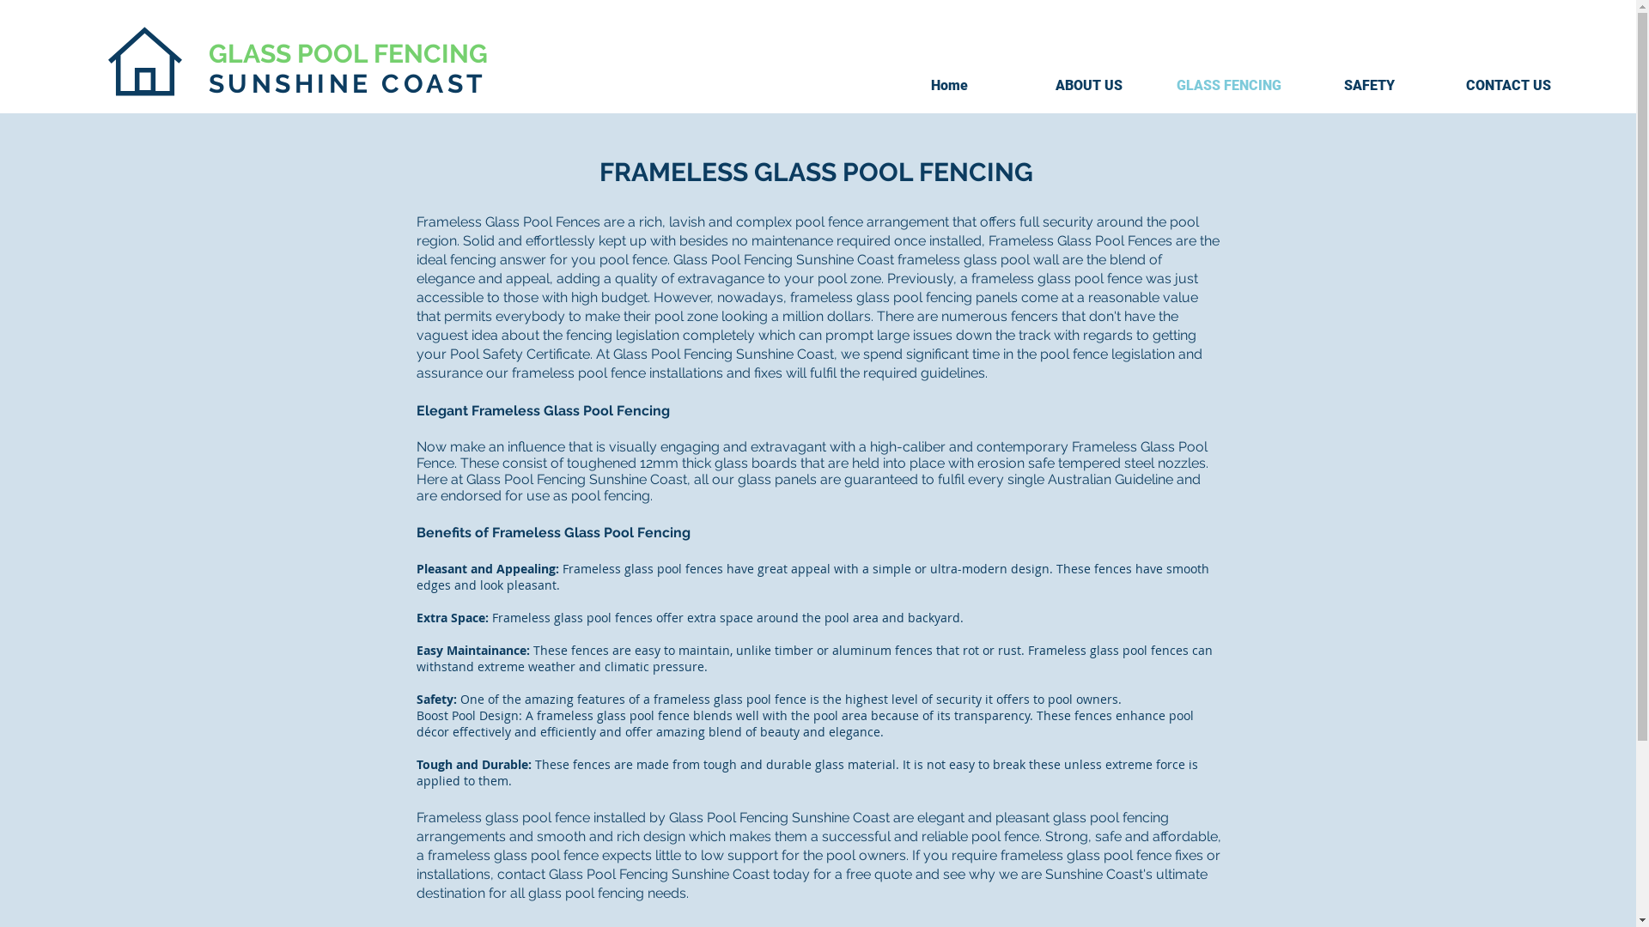 This screenshot has width=1649, height=927. I want to click on 'SUNSHINE COAST', so click(206, 83).